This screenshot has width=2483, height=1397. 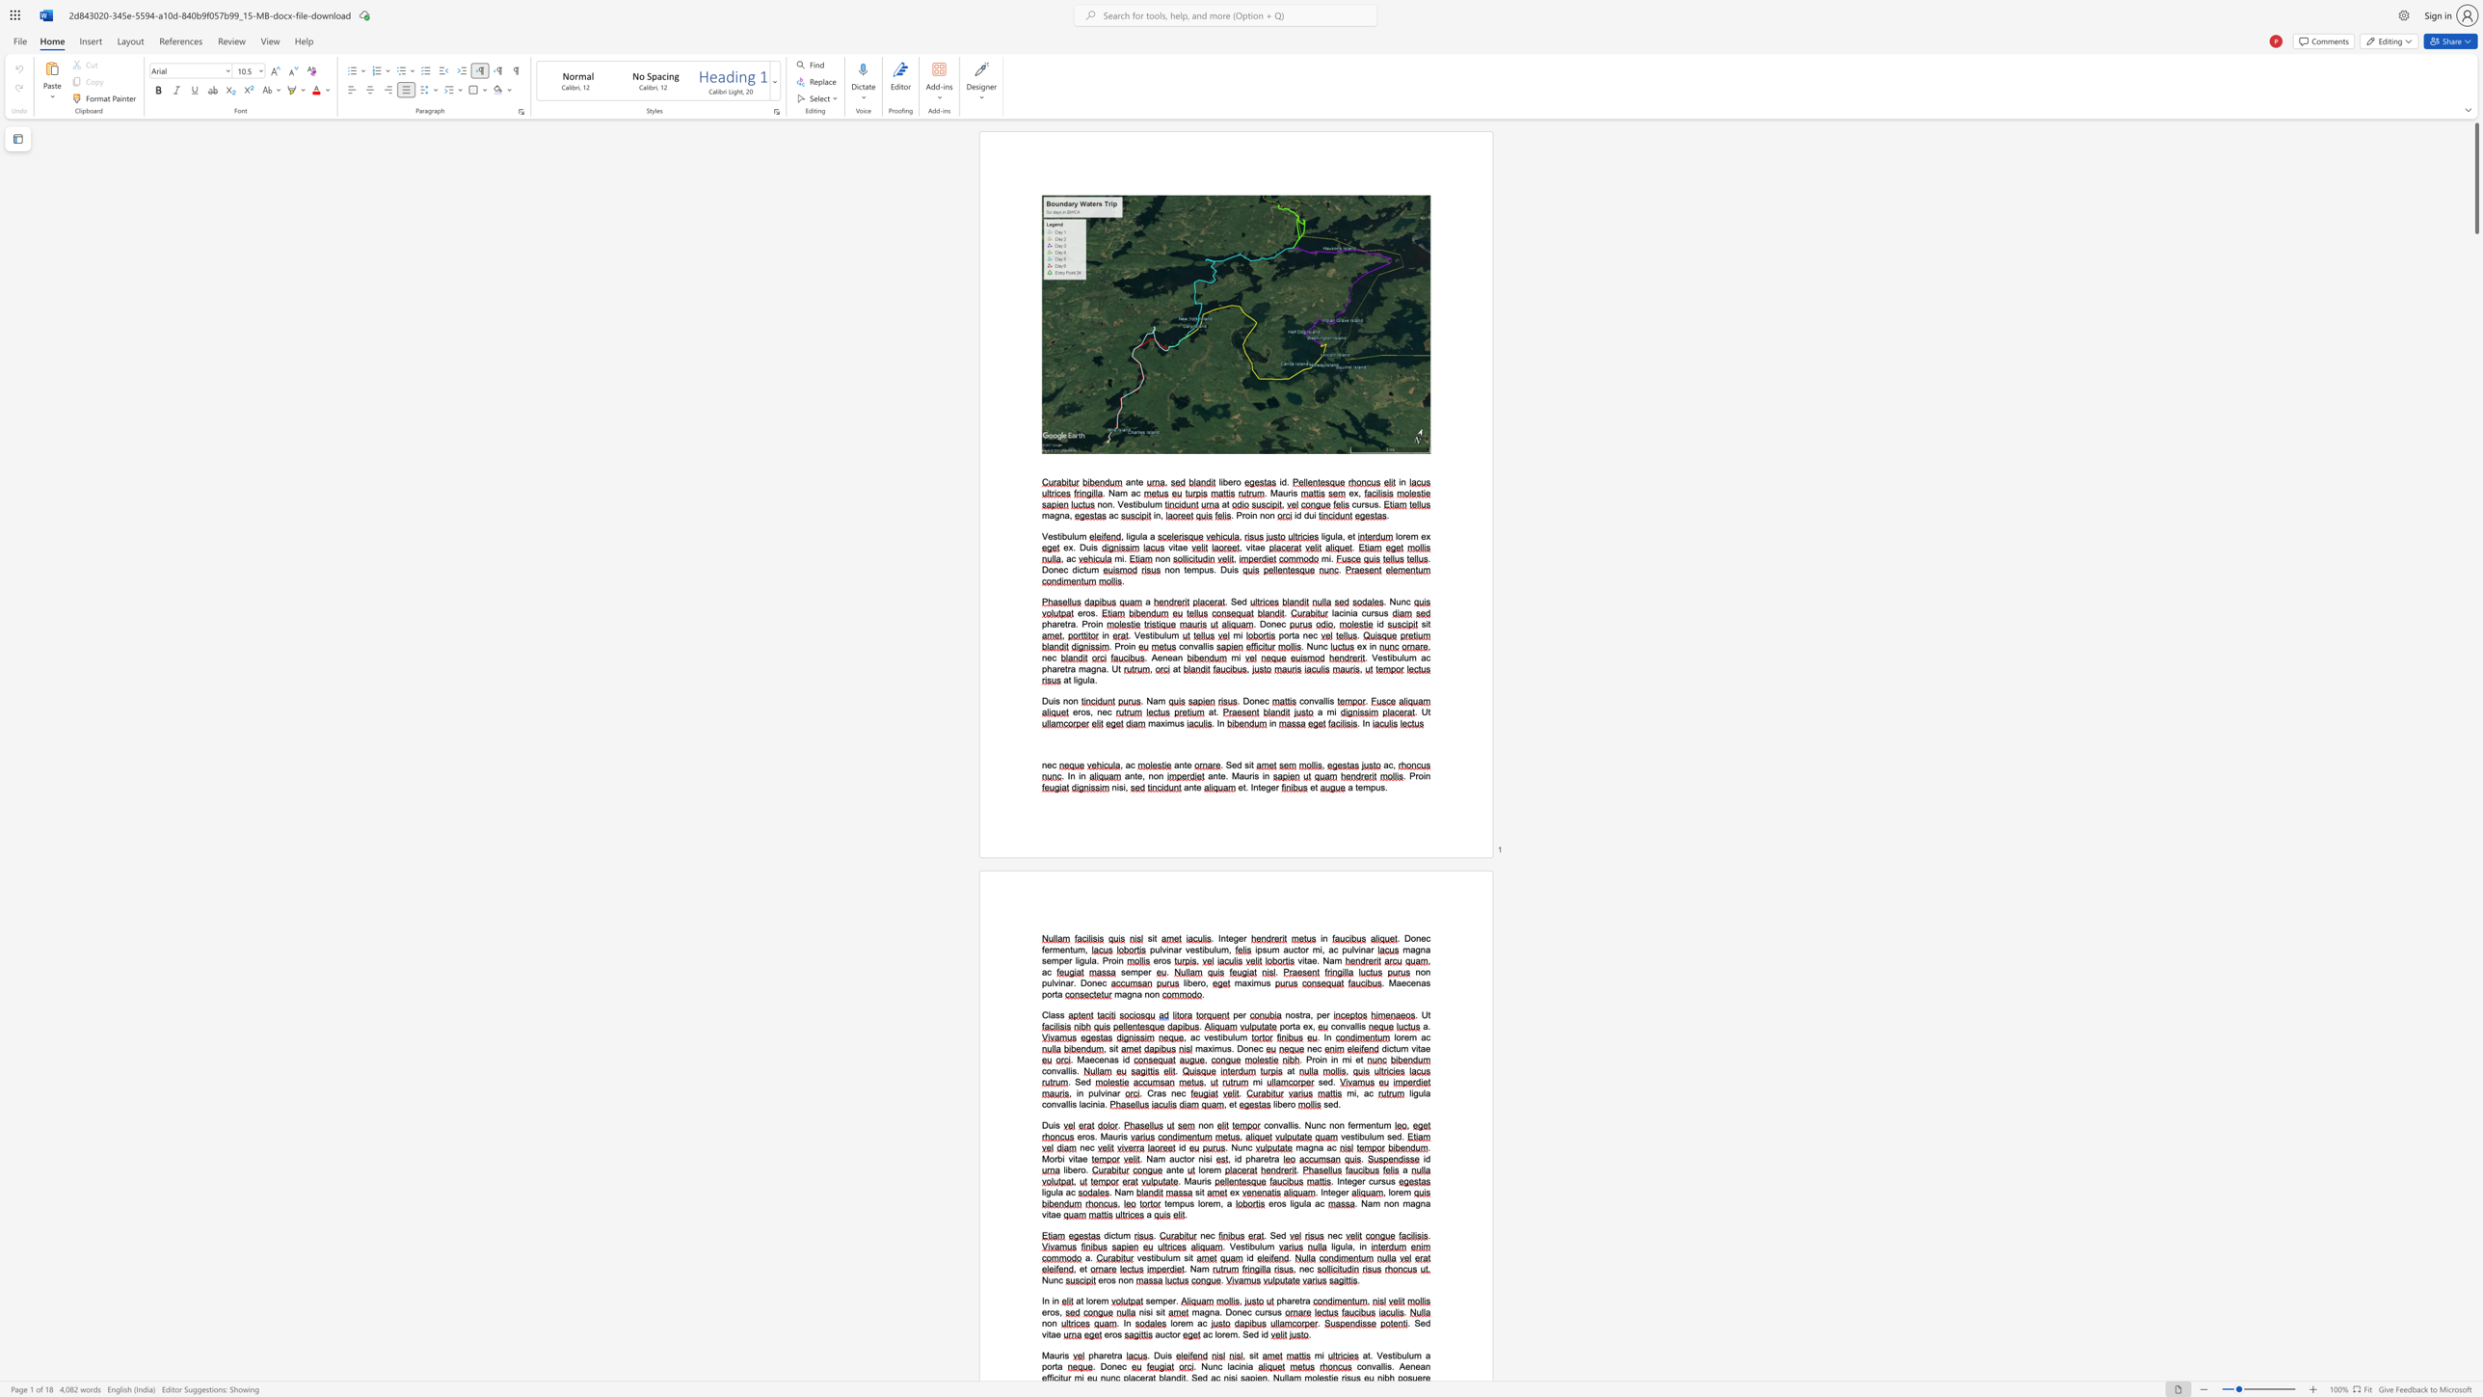 I want to click on the 2th character "e" in the text, so click(x=1394, y=1136).